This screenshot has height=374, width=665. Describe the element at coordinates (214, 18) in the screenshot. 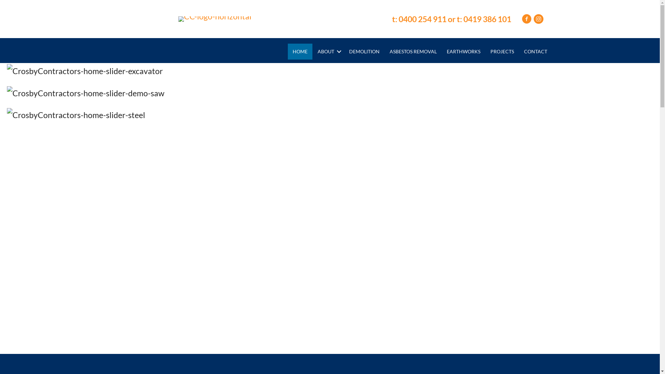

I see `'CC-logo-horizontal'` at that location.